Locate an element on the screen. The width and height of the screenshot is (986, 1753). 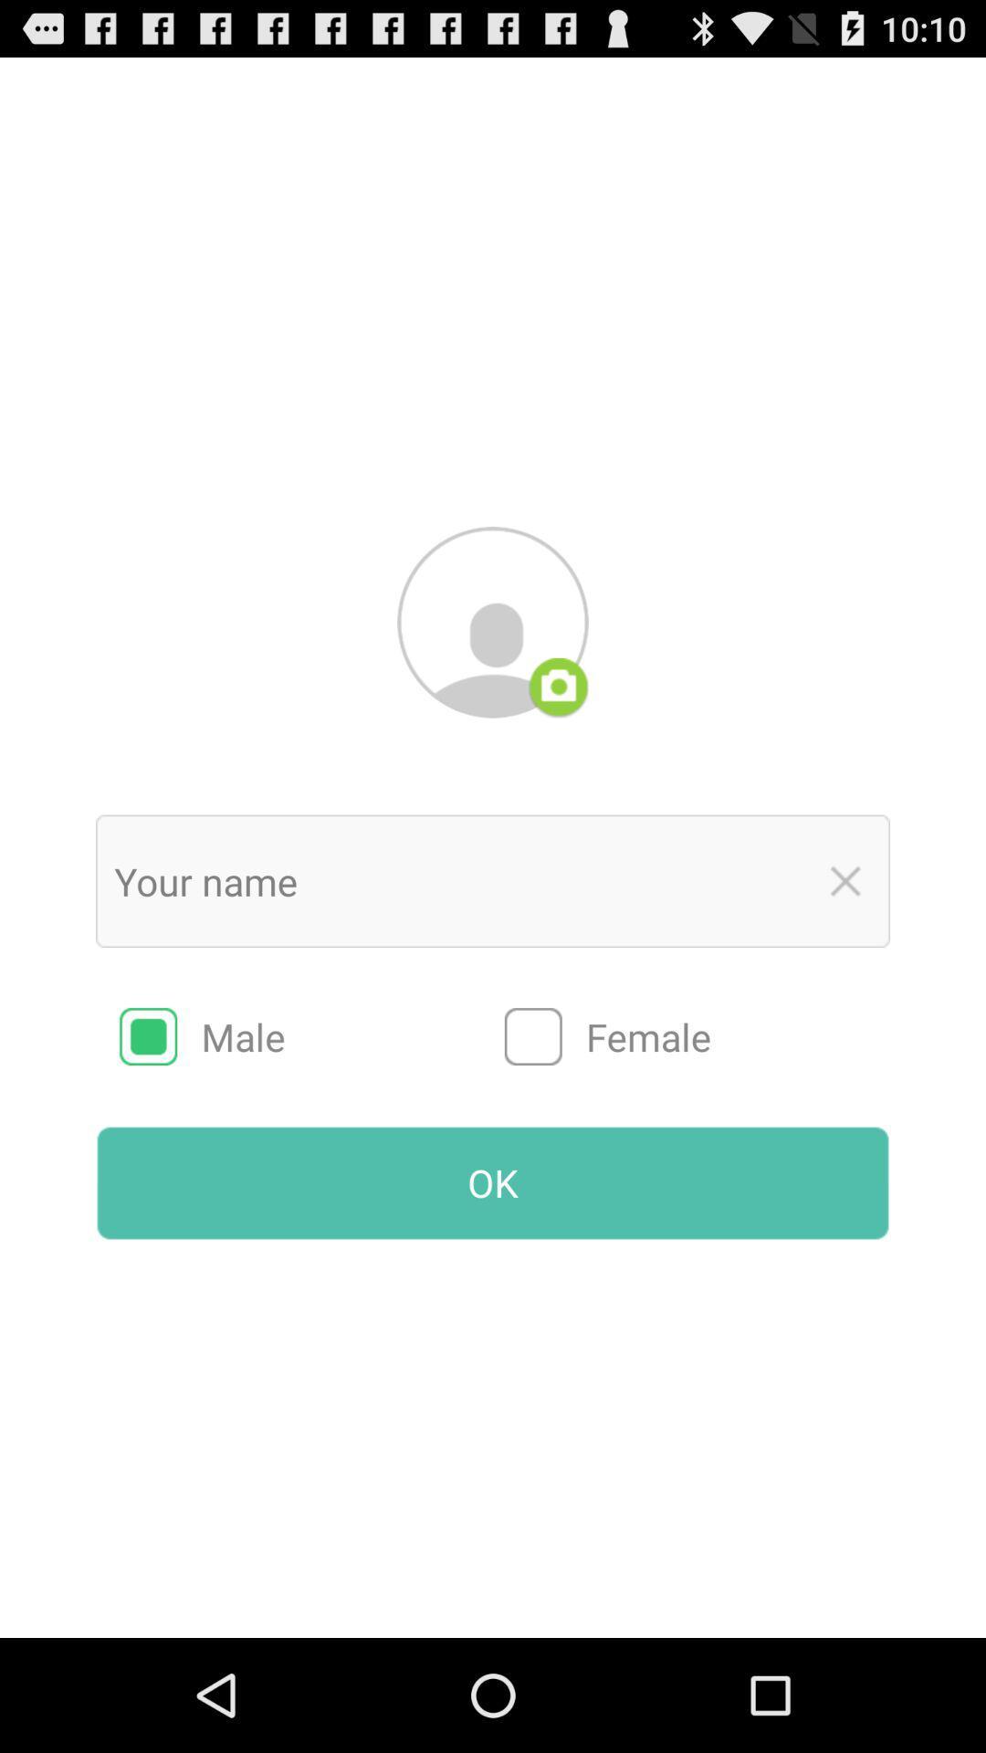
the user name toggle is located at coordinates (845, 881).